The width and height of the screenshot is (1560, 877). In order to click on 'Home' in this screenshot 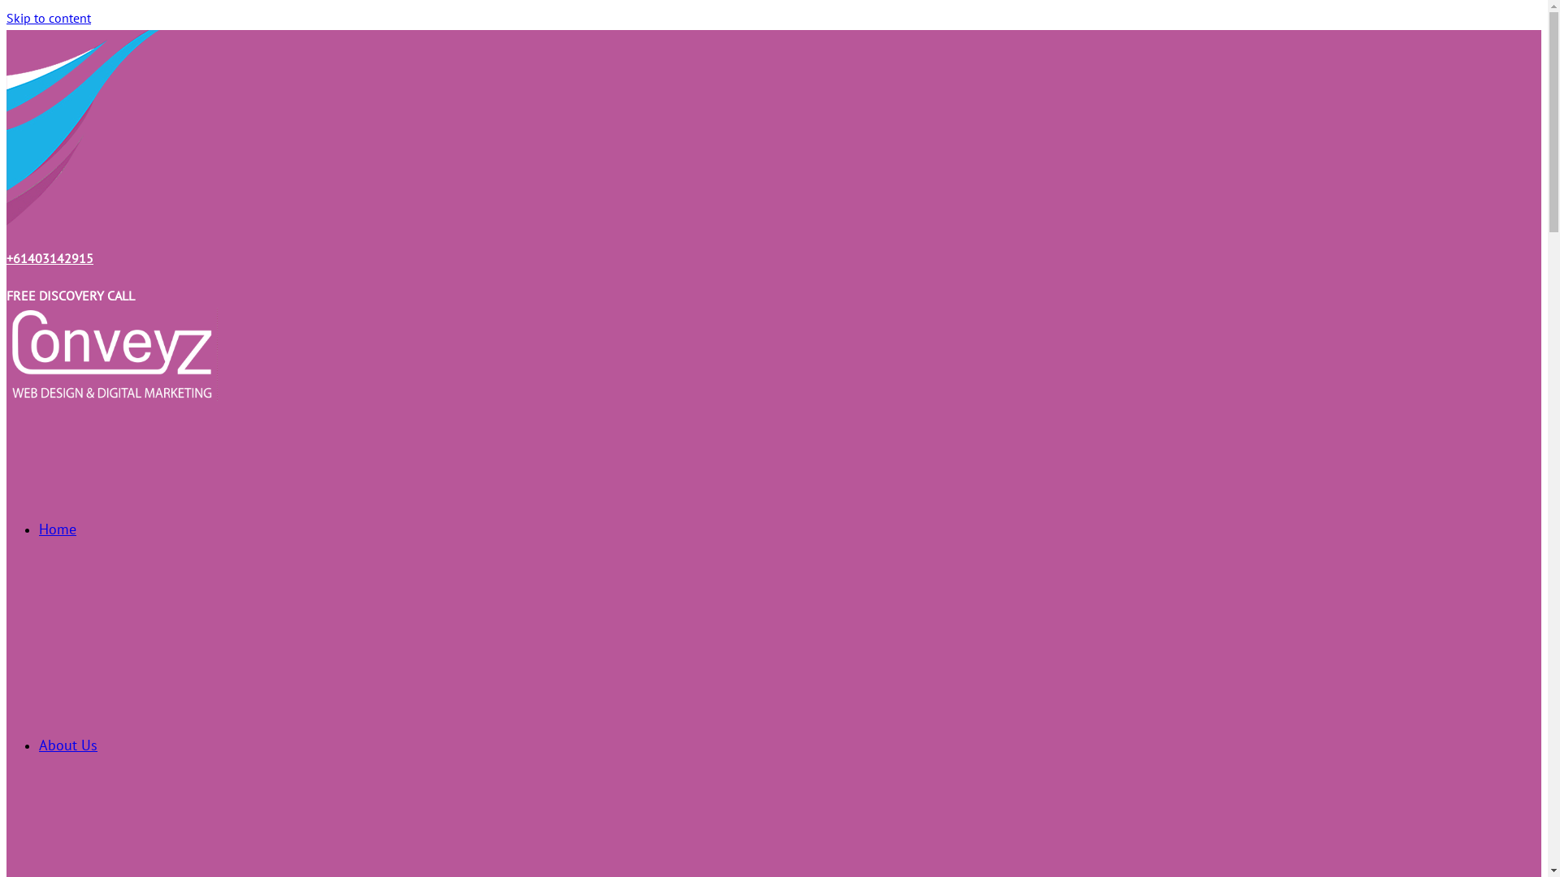, I will do `click(58, 529)`.